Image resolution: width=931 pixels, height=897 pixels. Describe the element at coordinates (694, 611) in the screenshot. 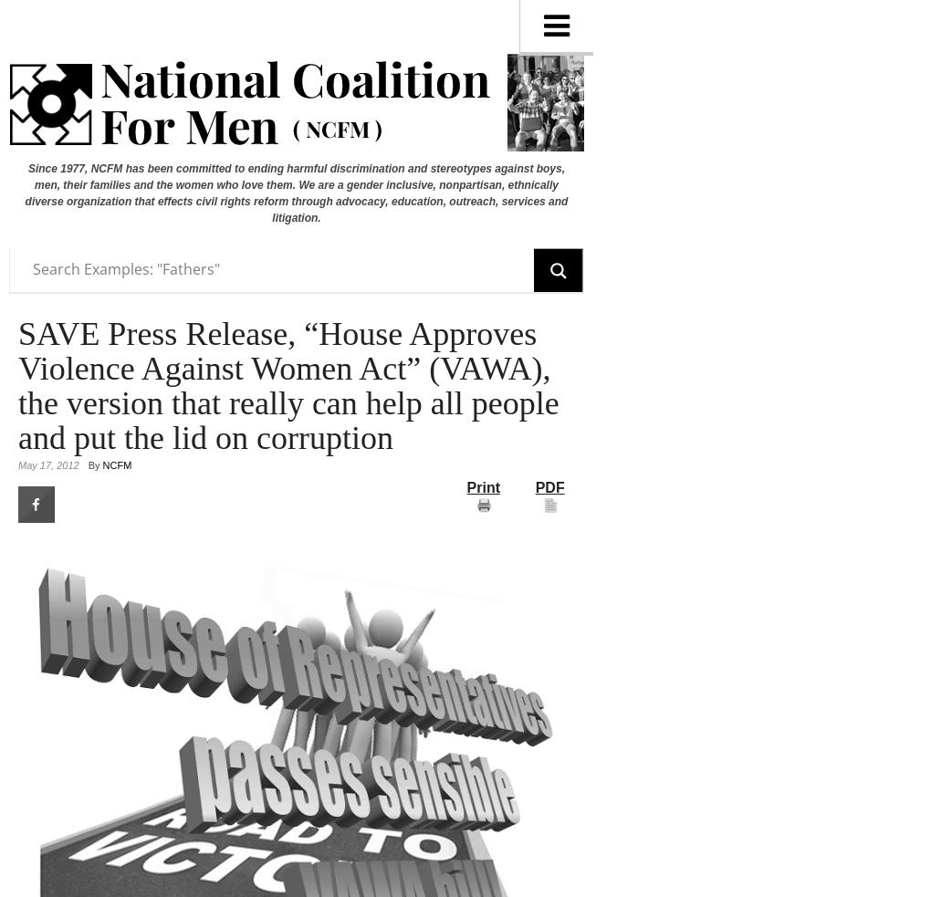

I see `'Lea Perritt, PhD/Psychologist'` at that location.